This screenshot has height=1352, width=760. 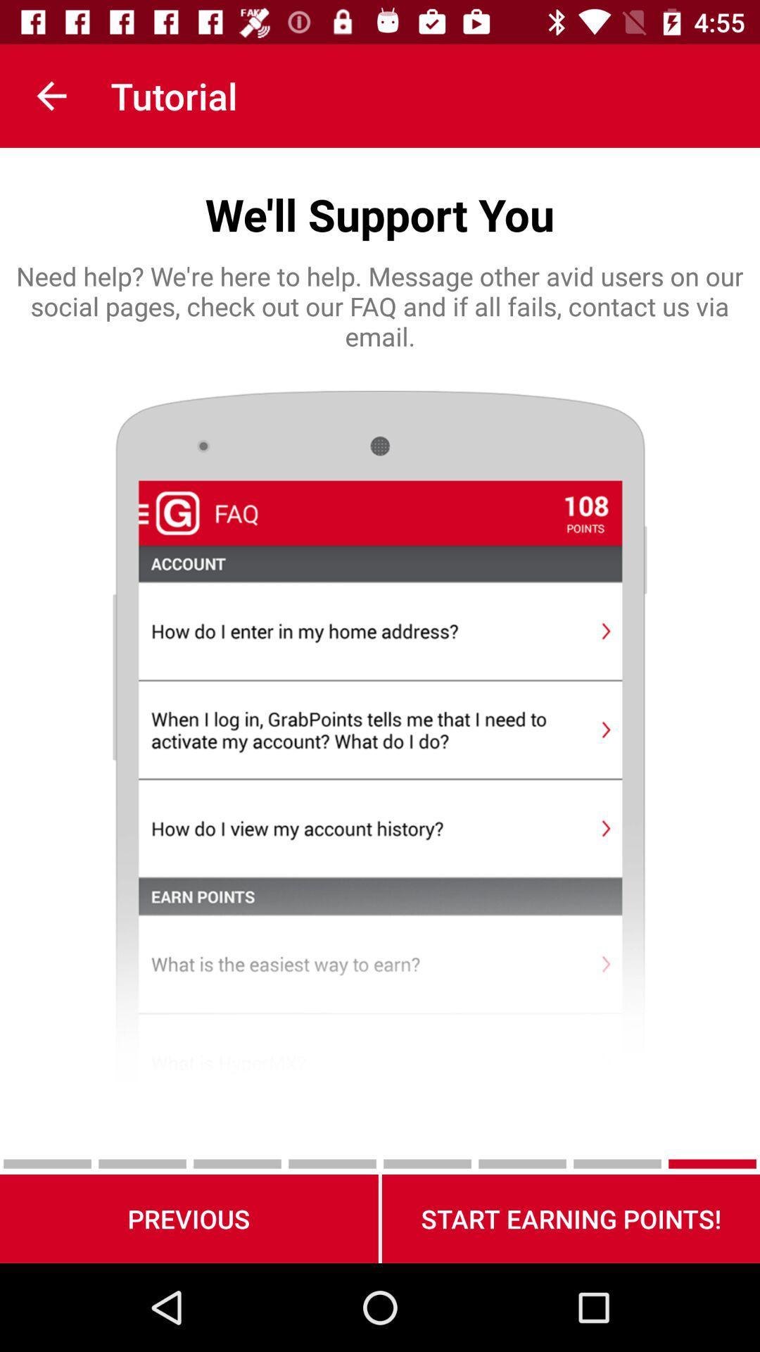 I want to click on the start earning points! at the bottom right corner, so click(x=571, y=1218).